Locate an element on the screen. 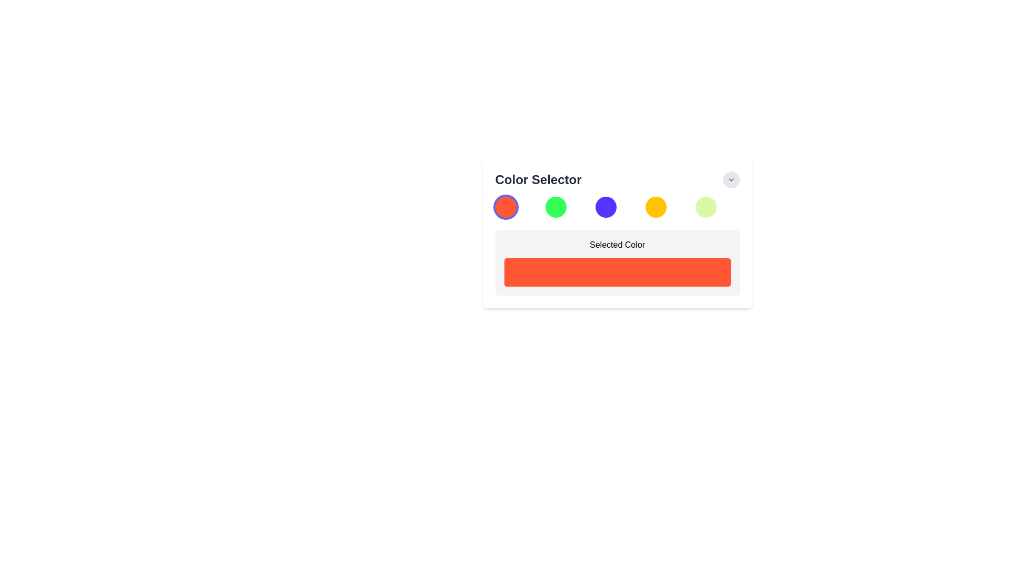  the yellow color selection button, which is the fourth button from the left in a grid layout is located at coordinates (656, 207).